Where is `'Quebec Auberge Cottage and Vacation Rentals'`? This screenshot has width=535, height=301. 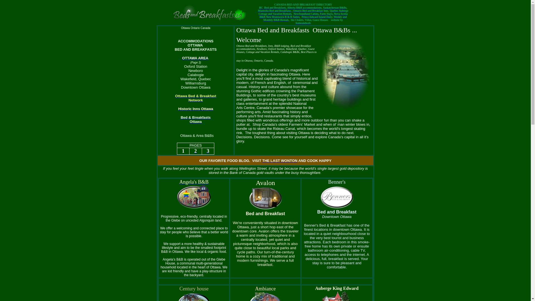
'Quebec Auberge Cottage and Vacation Rentals' is located at coordinates (303, 12).